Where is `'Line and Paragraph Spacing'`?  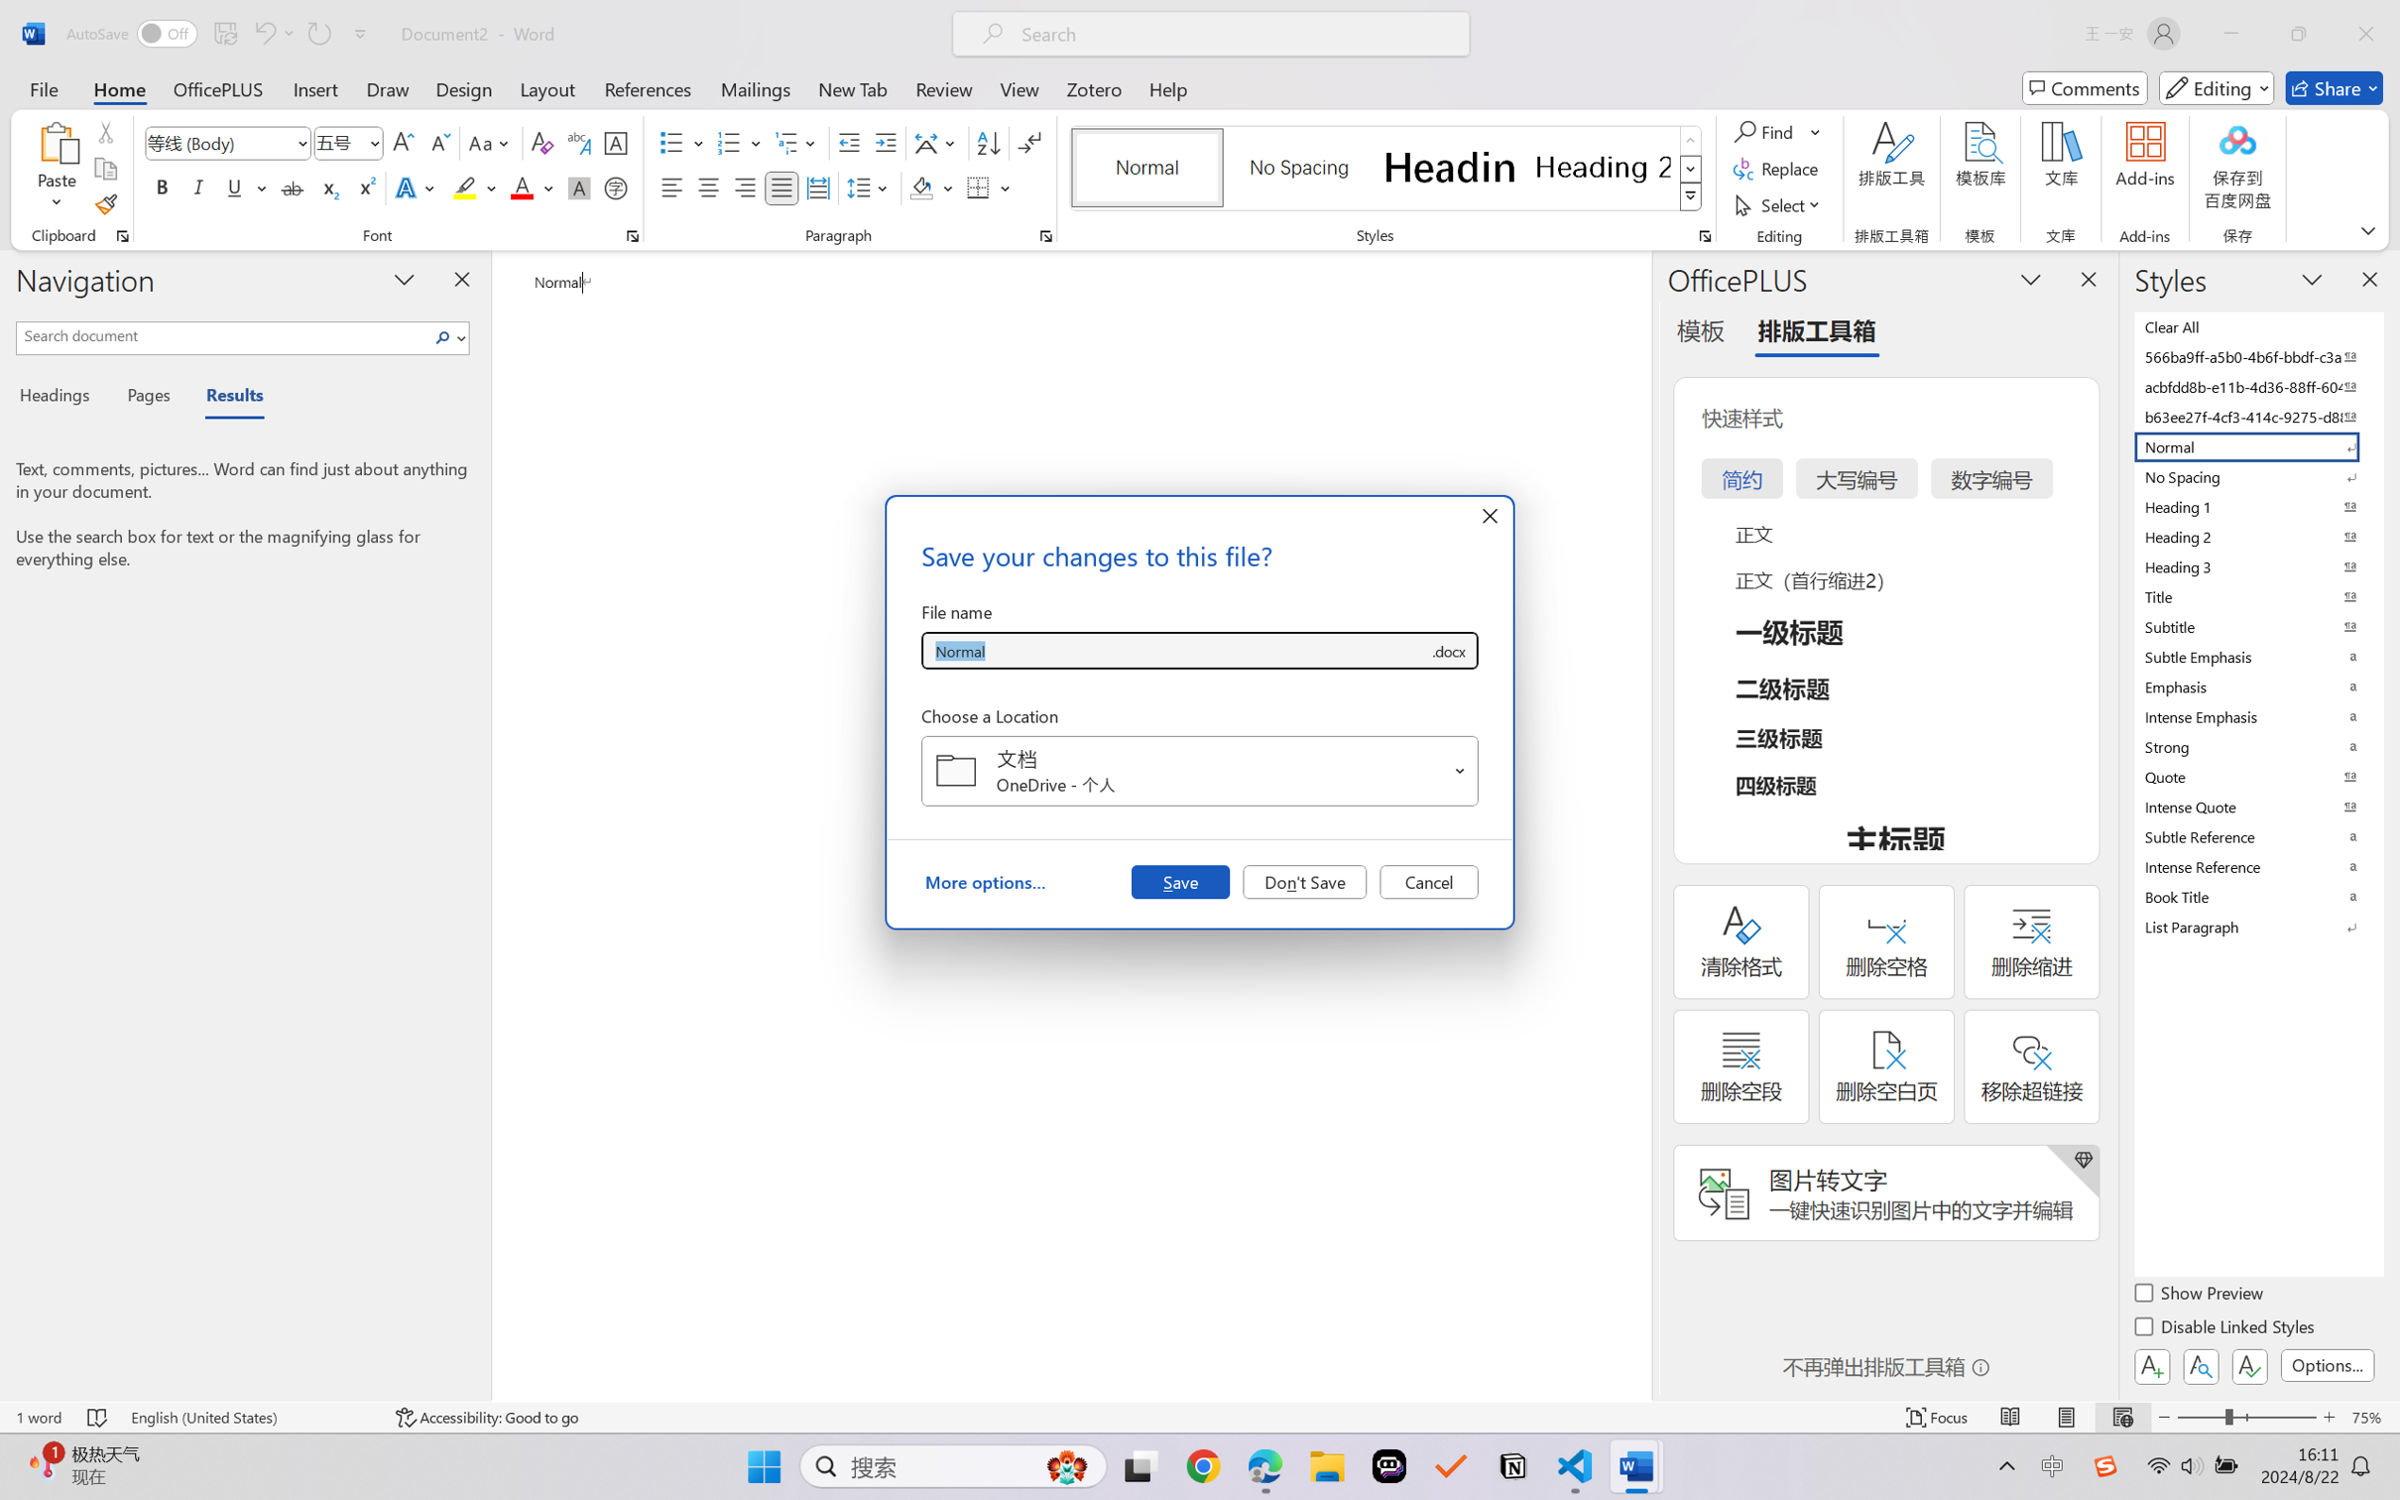 'Line and Paragraph Spacing' is located at coordinates (869, 187).